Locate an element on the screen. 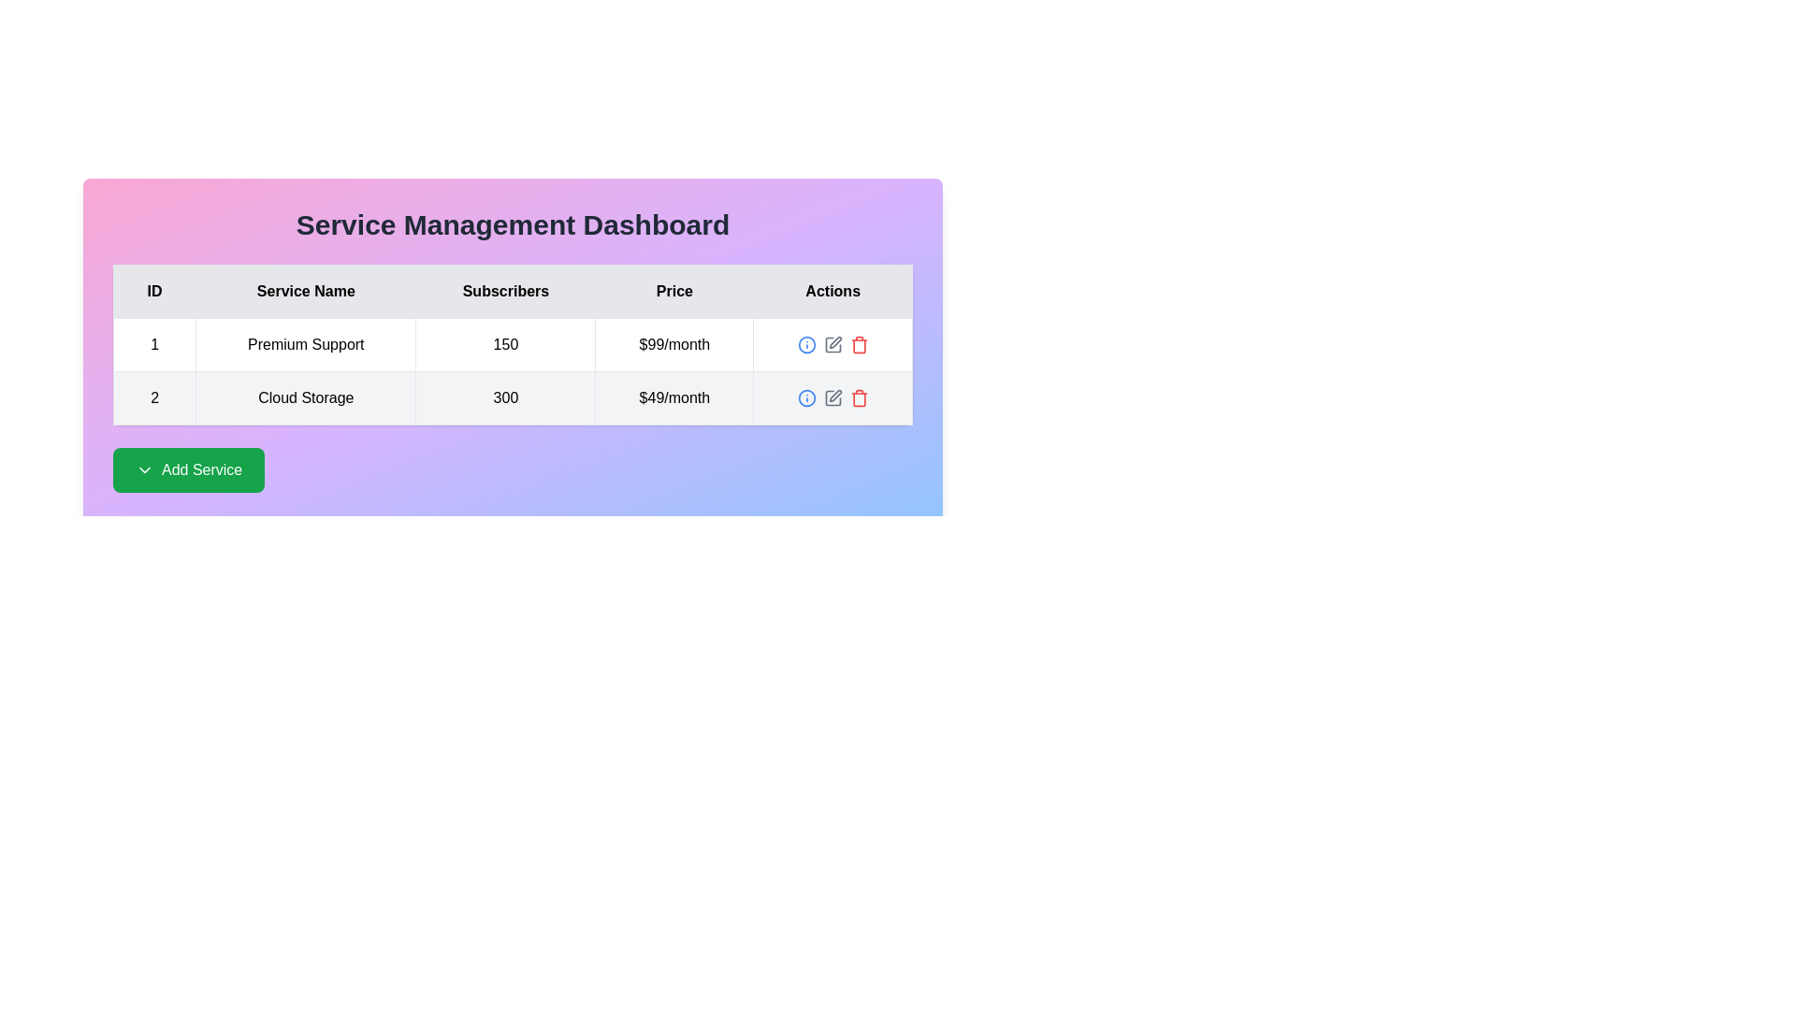 Image resolution: width=1796 pixels, height=1010 pixels. the Trash Icon button located in the Actions column of the second row of the table is located at coordinates (858, 398).